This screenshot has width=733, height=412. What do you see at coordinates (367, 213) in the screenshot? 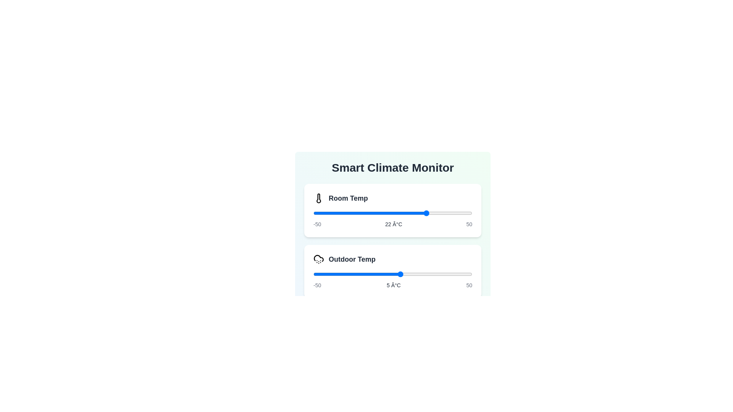
I see `the slider for 'Room Temp' to set its value to -16` at bounding box center [367, 213].